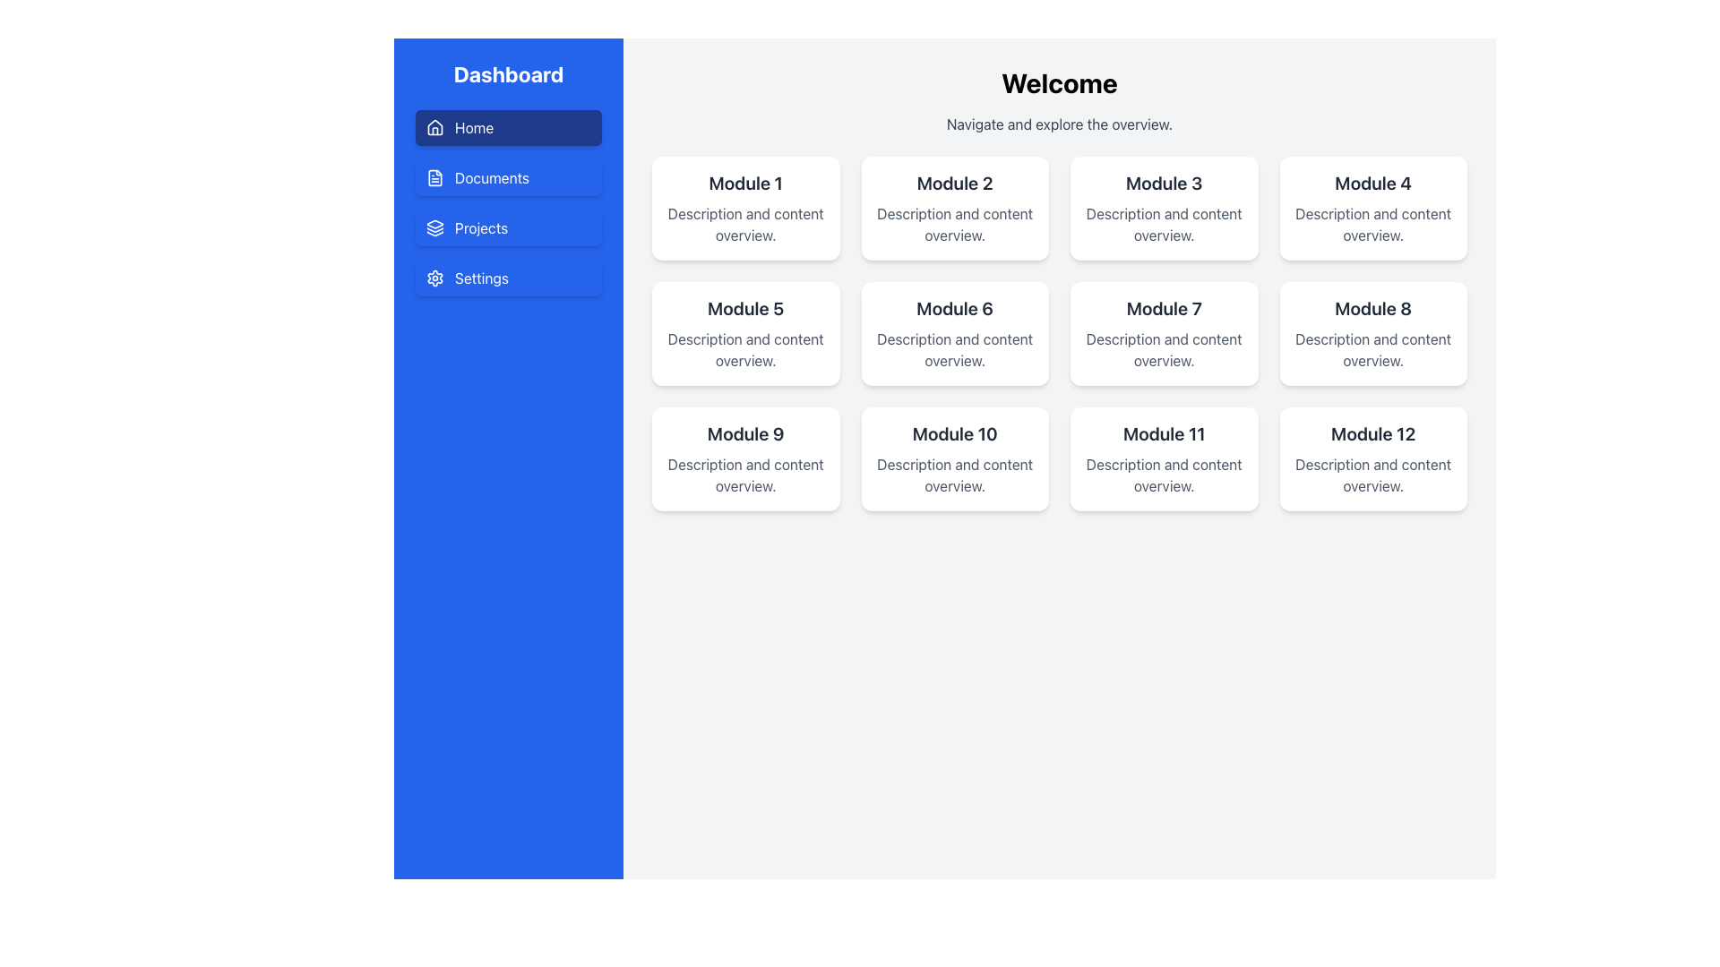 The image size is (1720, 967). Describe the element at coordinates (1372, 334) in the screenshot. I see `the Card representing 'Module 8' located in the second row and fourth column of the grid` at that location.